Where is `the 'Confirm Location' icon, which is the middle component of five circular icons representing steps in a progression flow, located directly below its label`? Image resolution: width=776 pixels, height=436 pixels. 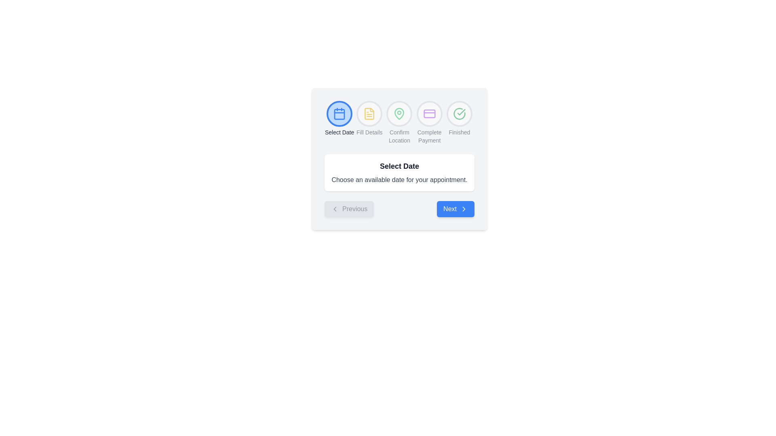 the 'Confirm Location' icon, which is the middle component of five circular icons representing steps in a progression flow, located directly below its label is located at coordinates (399, 113).